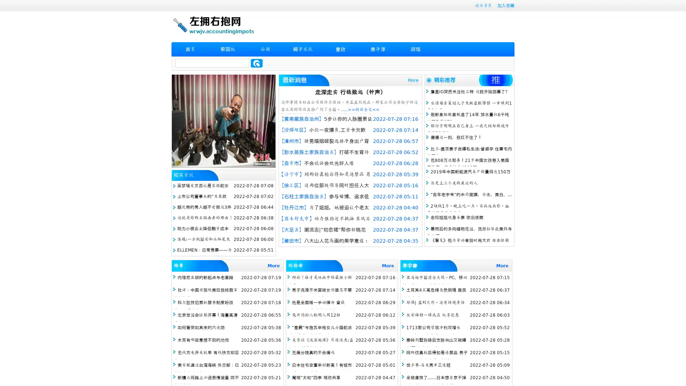 The height and width of the screenshot is (386, 686). What do you see at coordinates (257, 63) in the screenshot?
I see `Search` at bounding box center [257, 63].